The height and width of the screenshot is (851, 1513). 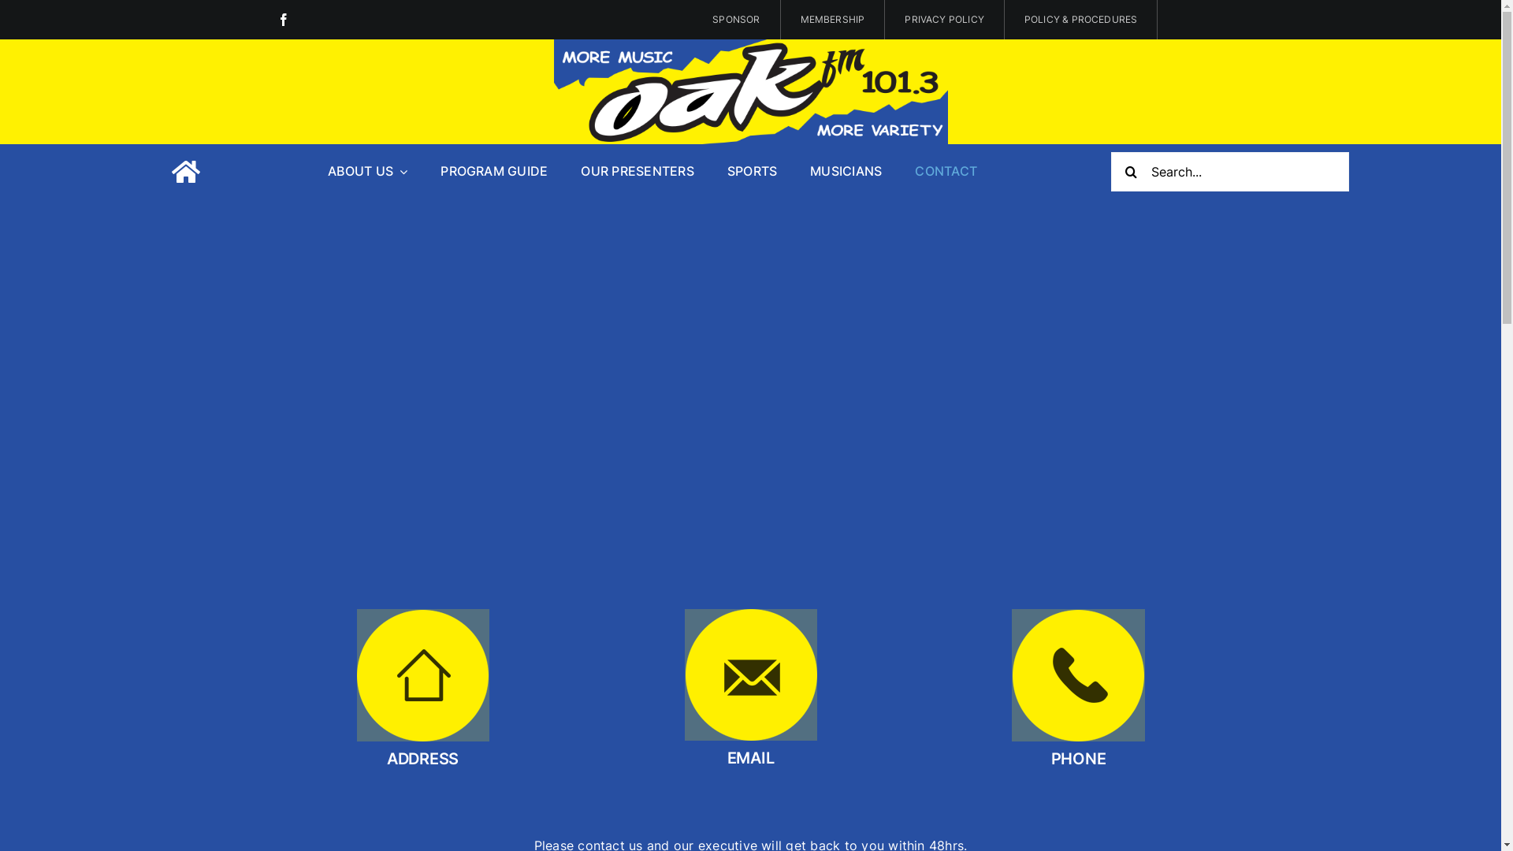 I want to click on 'MEMBERSHIP', so click(x=832, y=19).